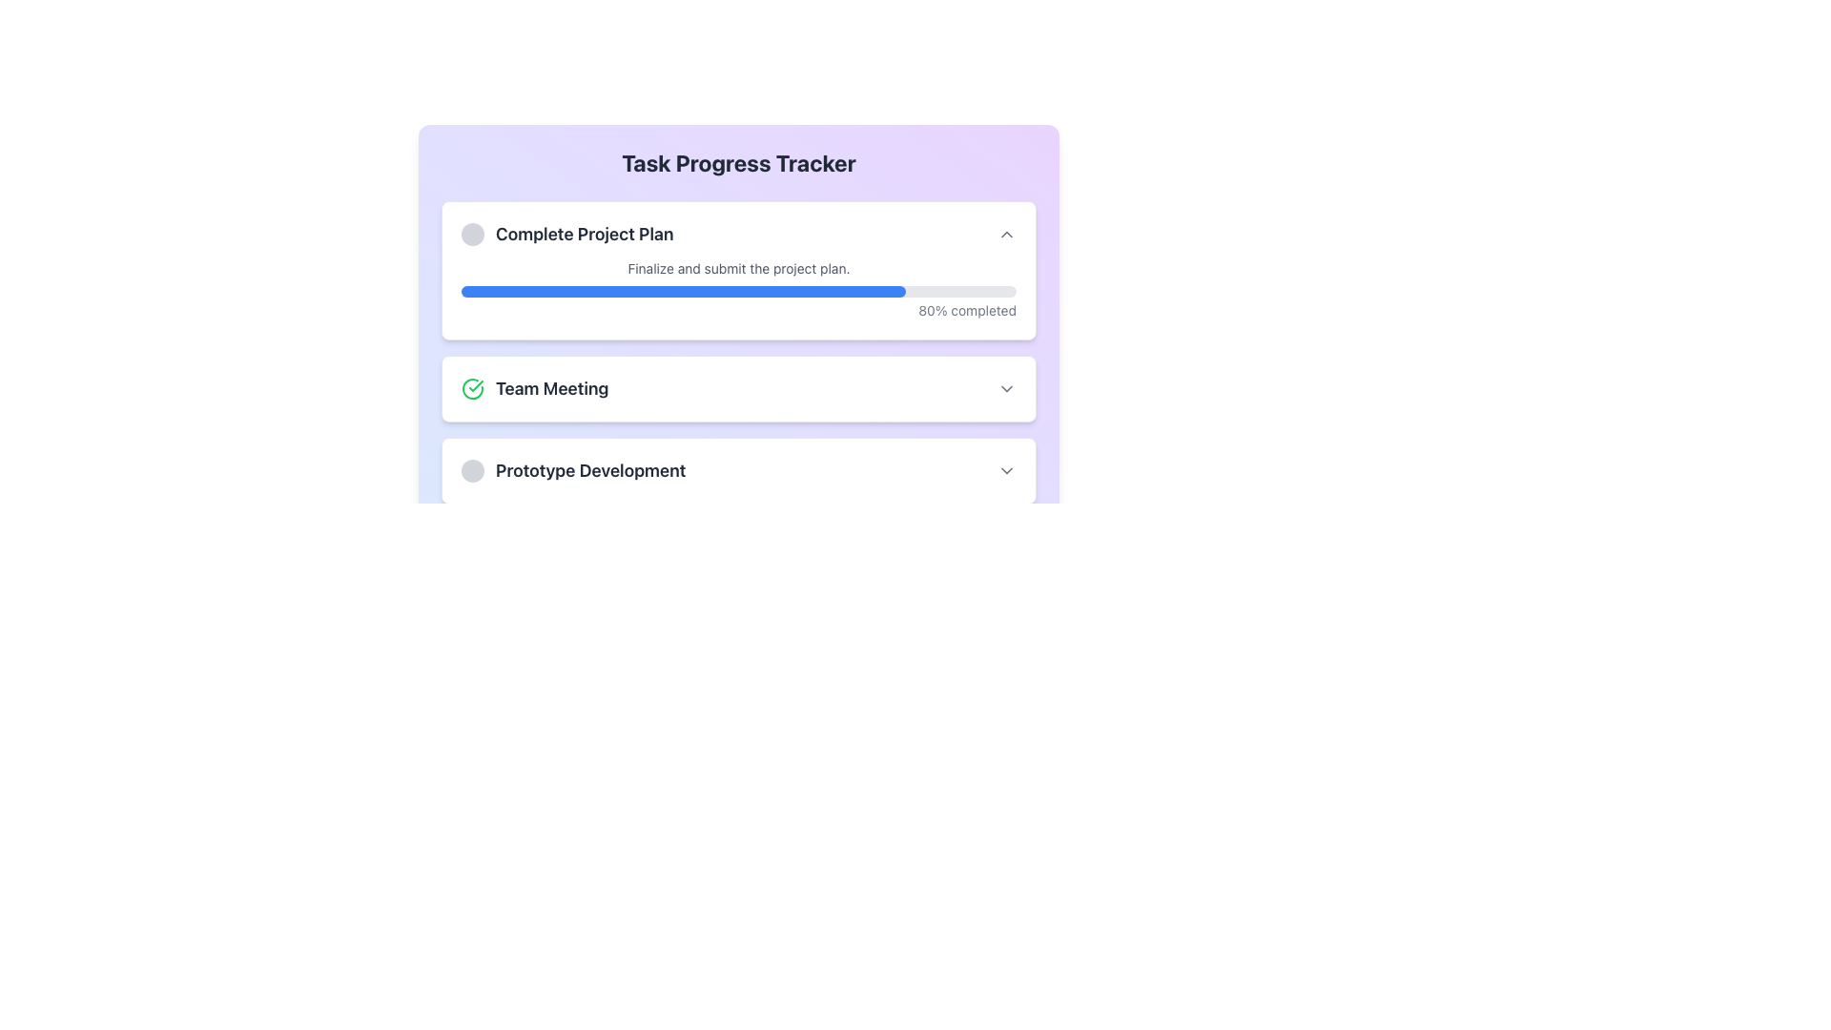  I want to click on the decorative icon located in the top task item labeled 'Complete Project Plan' in the 'Task Progress Tracker' interface, which is the leftmost element preceding the task's title, so click(472, 234).